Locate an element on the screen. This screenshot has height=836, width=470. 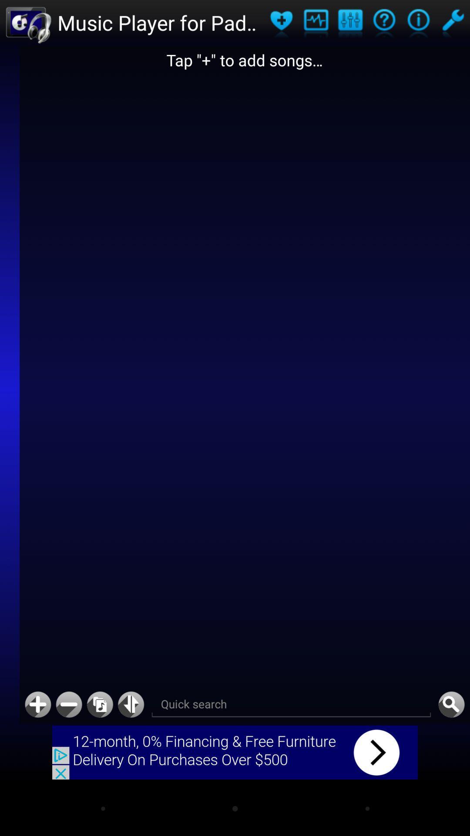
open songlist is located at coordinates (99, 705).